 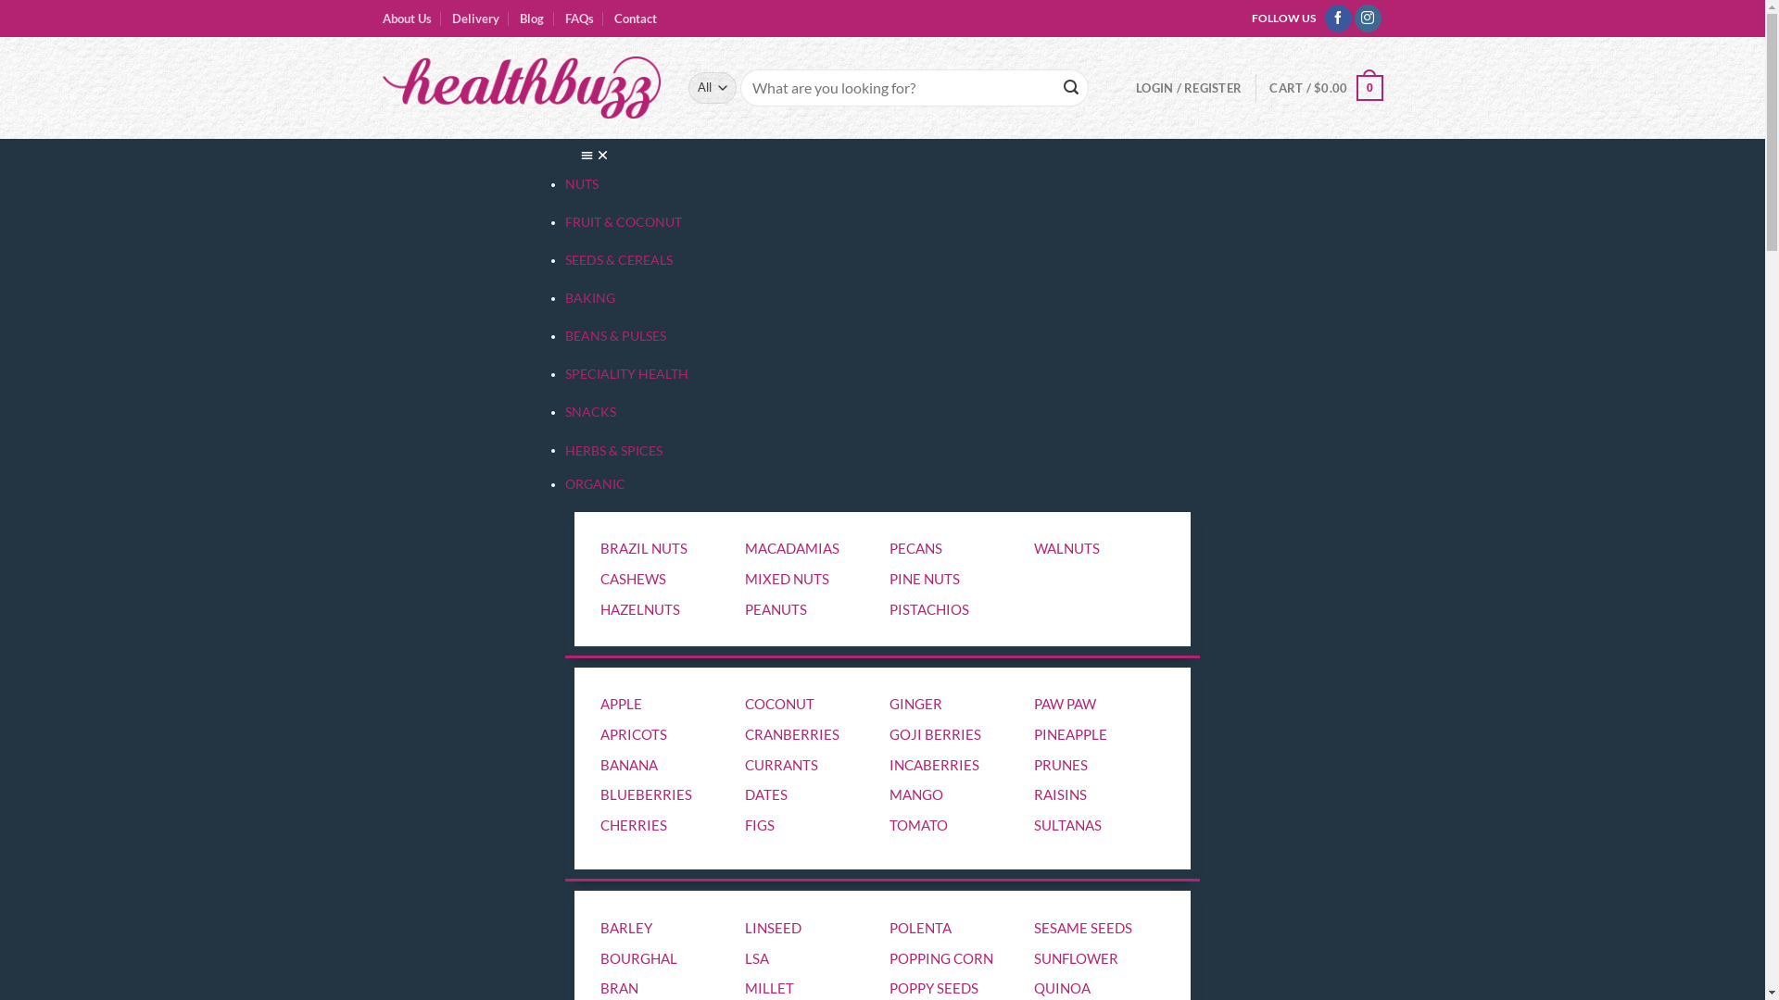 I want to click on 'MILLET', so click(x=769, y=987).